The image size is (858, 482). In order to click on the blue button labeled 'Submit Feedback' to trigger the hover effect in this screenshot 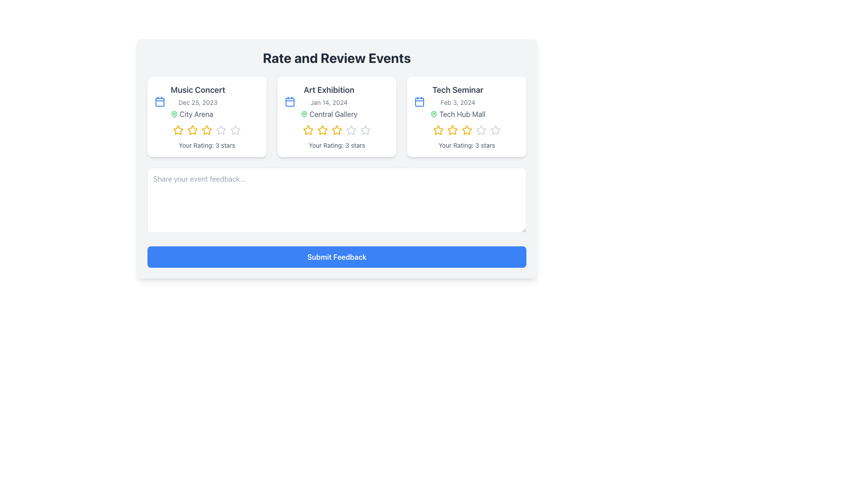, I will do `click(336, 257)`.